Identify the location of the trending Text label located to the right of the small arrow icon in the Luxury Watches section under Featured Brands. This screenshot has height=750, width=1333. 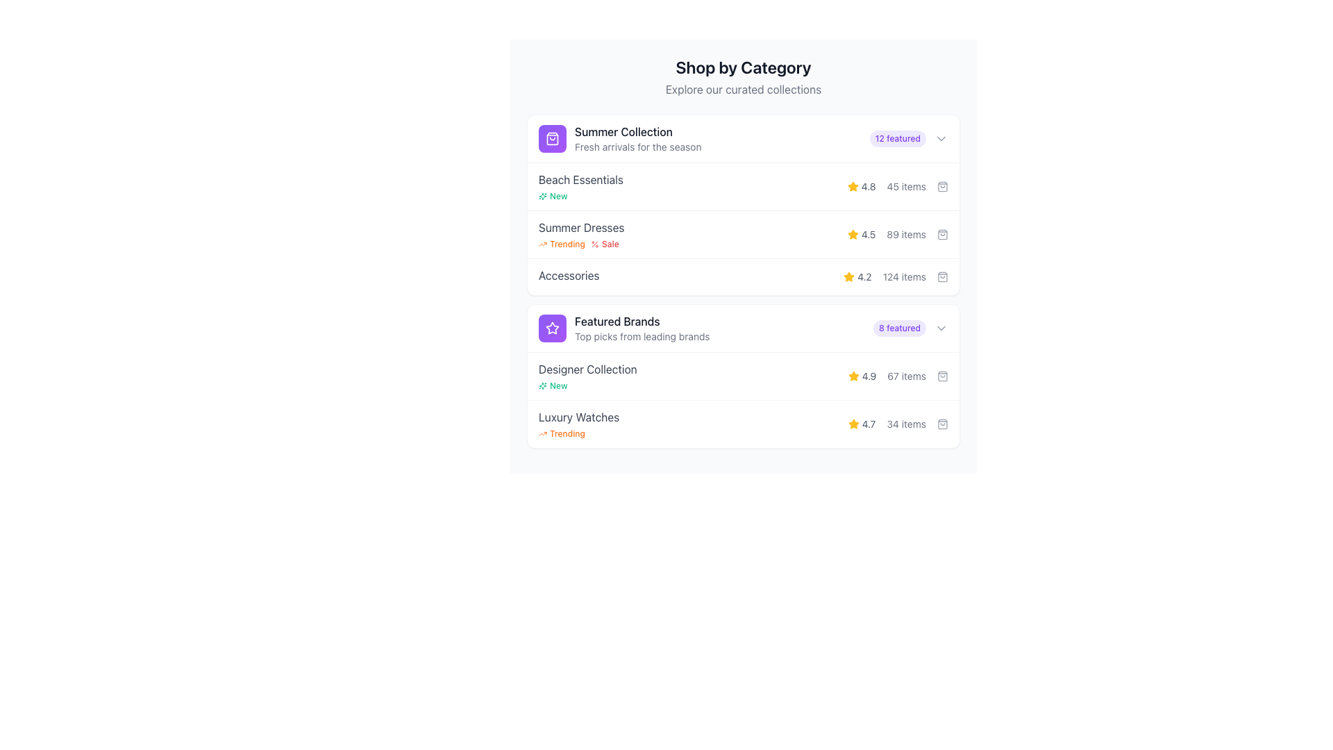
(567, 433).